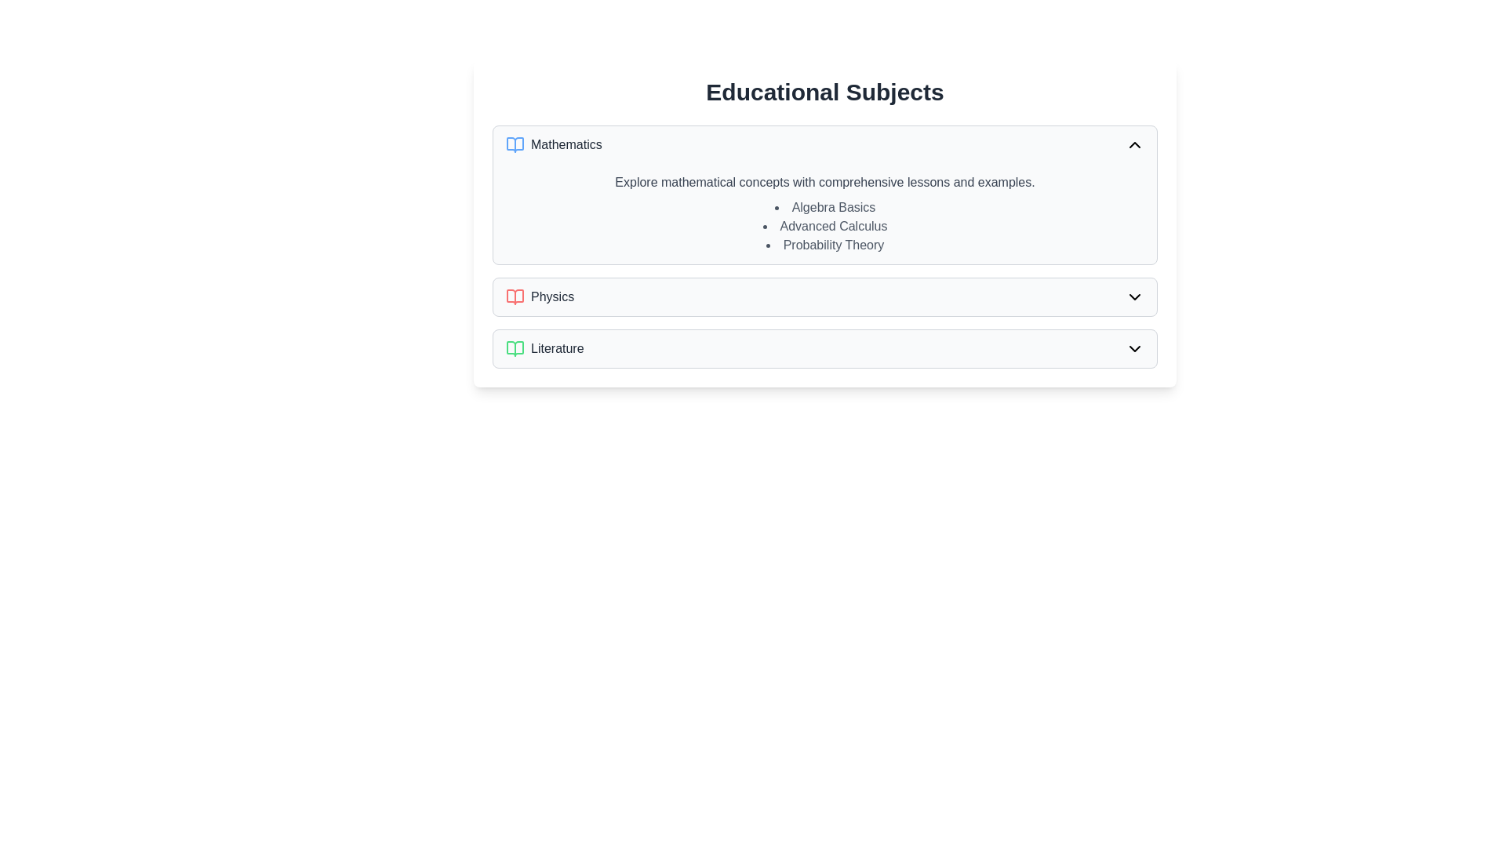 The width and height of the screenshot is (1506, 847). Describe the element at coordinates (824, 214) in the screenshot. I see `the informational content block delivering introductory text and a summary of topics in the Mathematics section, located under the 'Mathematics' header` at that location.